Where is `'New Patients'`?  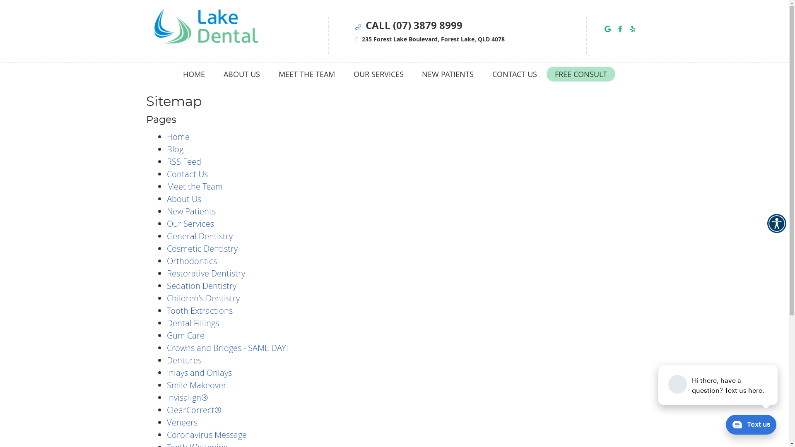
'New Patients' is located at coordinates (190, 211).